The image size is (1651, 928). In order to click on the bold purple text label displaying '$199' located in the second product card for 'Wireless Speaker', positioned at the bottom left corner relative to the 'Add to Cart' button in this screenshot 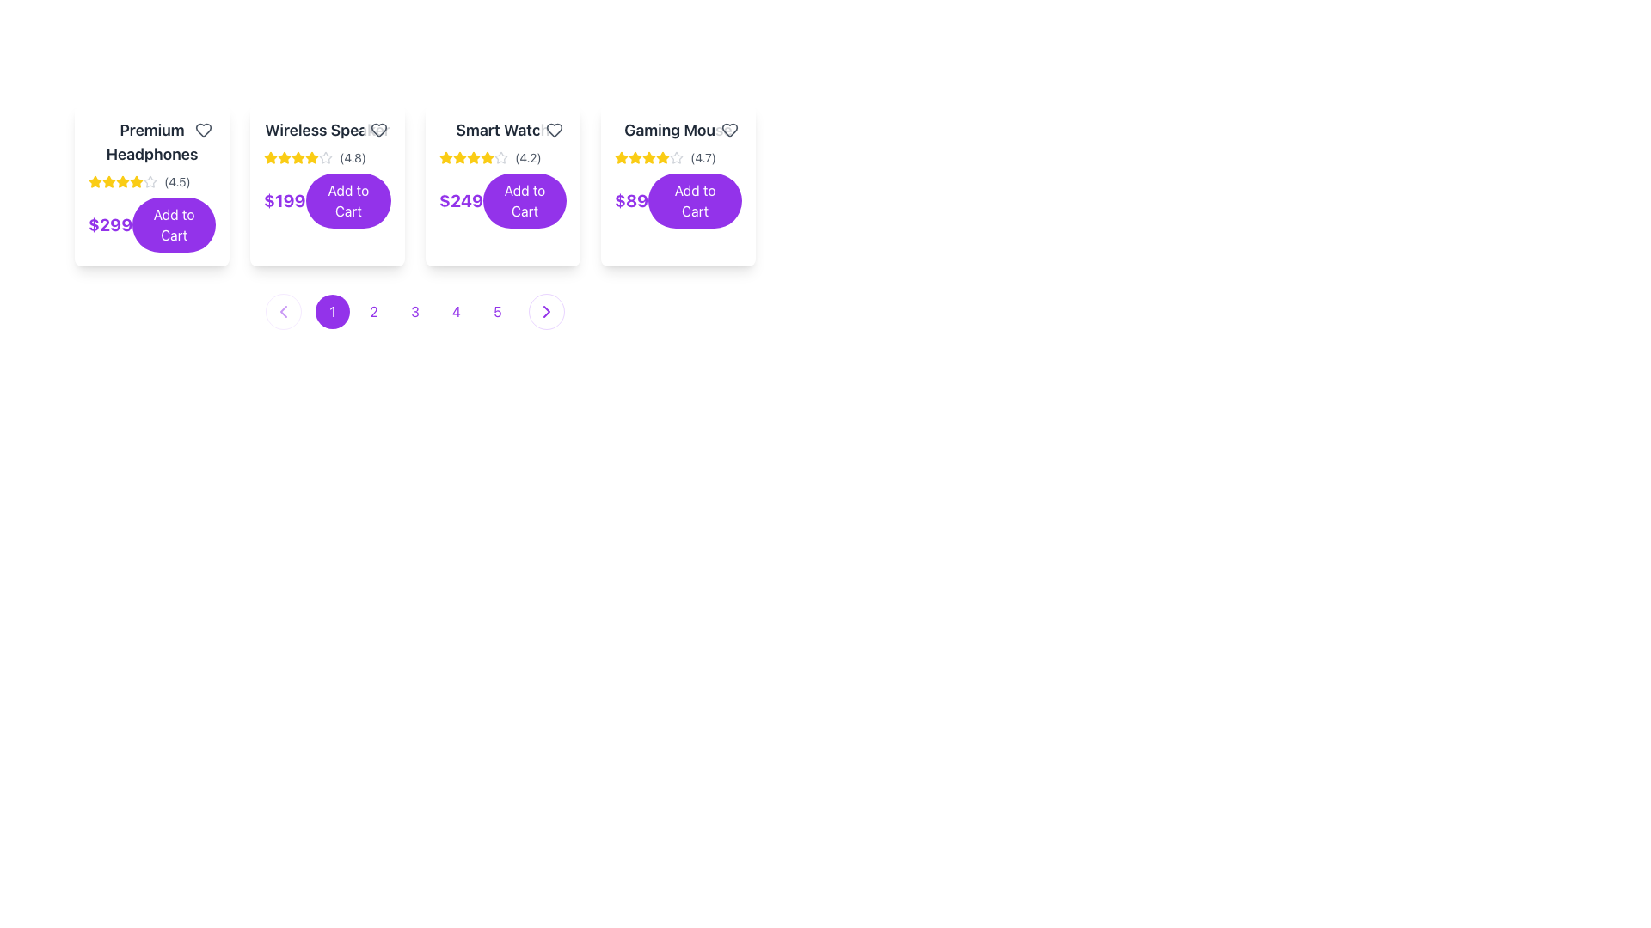, I will do `click(285, 200)`.